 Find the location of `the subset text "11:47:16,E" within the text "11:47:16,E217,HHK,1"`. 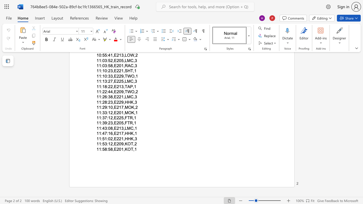

the subset text "11:47:16,E" within the text "11:47:16,E217,HHK,1" is located at coordinates (96, 133).